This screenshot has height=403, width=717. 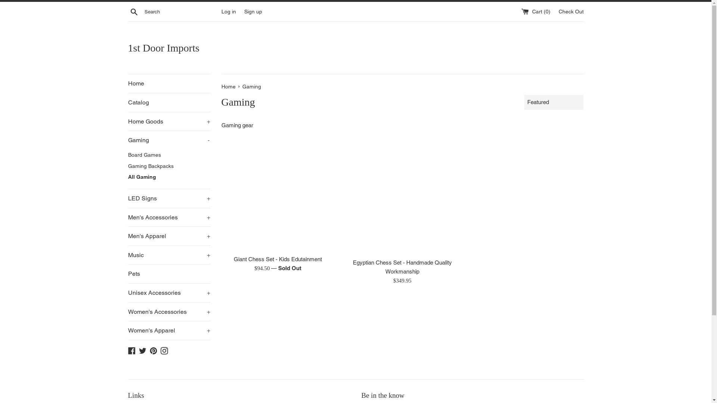 What do you see at coordinates (402, 197) in the screenshot?
I see `'Egyptian Chess Set - Handmade Quality Workmanship'` at bounding box center [402, 197].